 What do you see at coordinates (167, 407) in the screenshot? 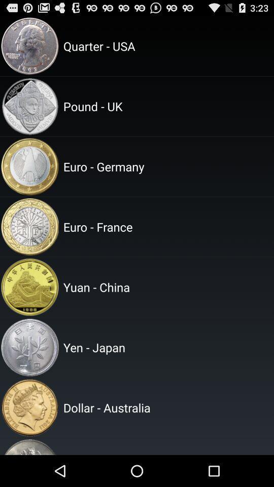
I see `the dollar - australia item` at bounding box center [167, 407].